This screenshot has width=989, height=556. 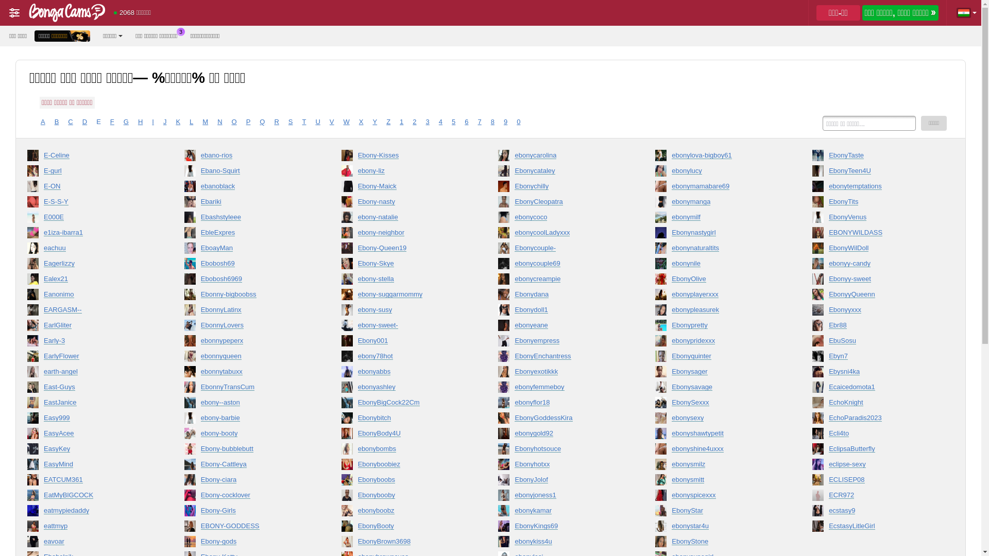 What do you see at coordinates (875, 172) in the screenshot?
I see `'EbonyTeen4U'` at bounding box center [875, 172].